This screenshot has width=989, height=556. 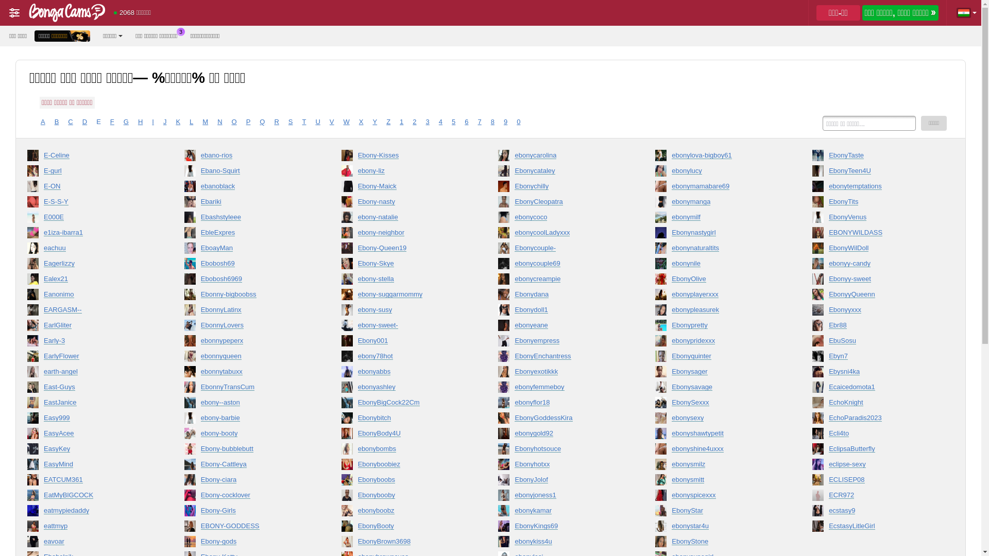 What do you see at coordinates (875, 172) in the screenshot?
I see `'EbonyTeen4U'` at bounding box center [875, 172].